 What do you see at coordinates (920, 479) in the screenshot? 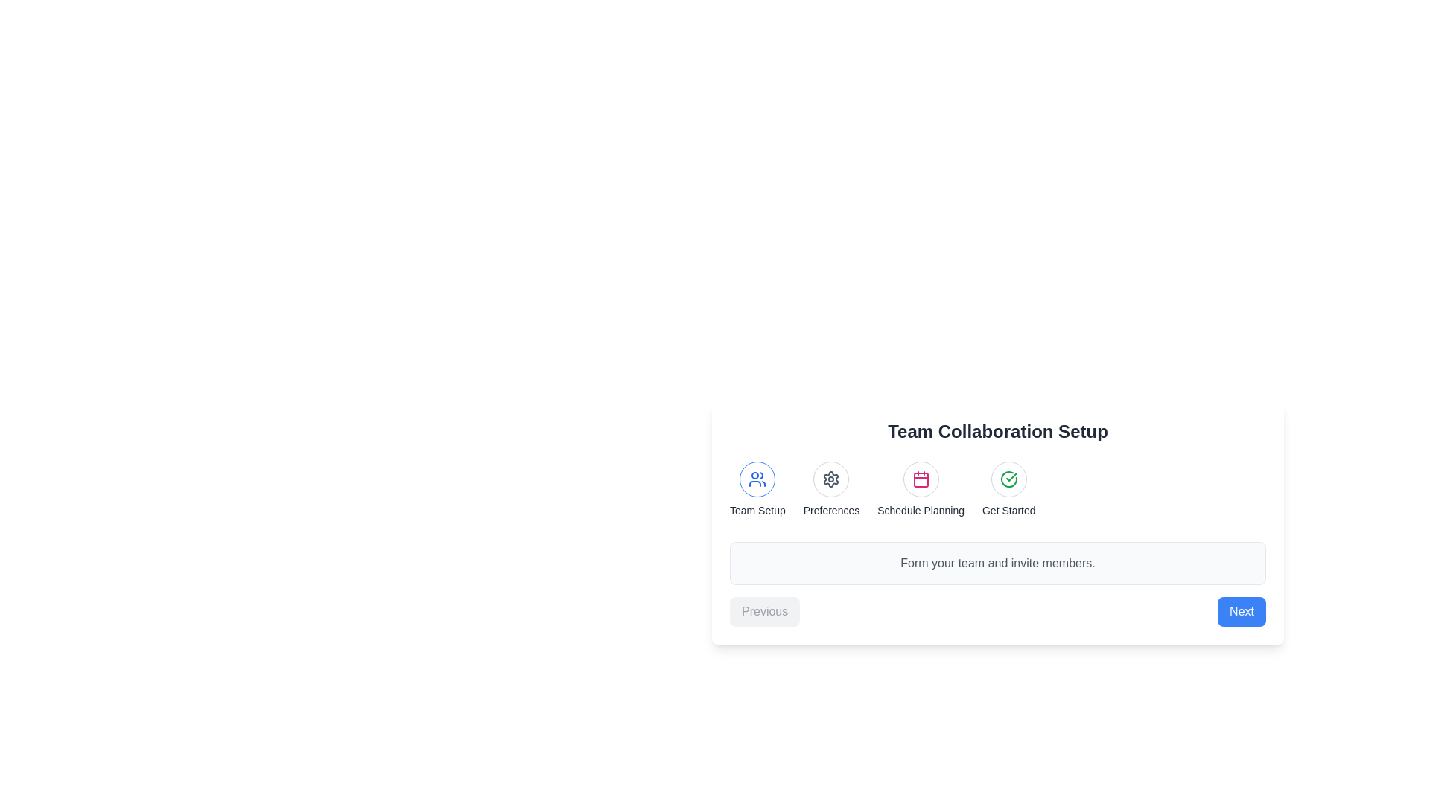
I see `the pink calendar icon labeled 'Schedule Planning', which is the third icon from the left under 'Team Collaboration Setup'` at bounding box center [920, 479].